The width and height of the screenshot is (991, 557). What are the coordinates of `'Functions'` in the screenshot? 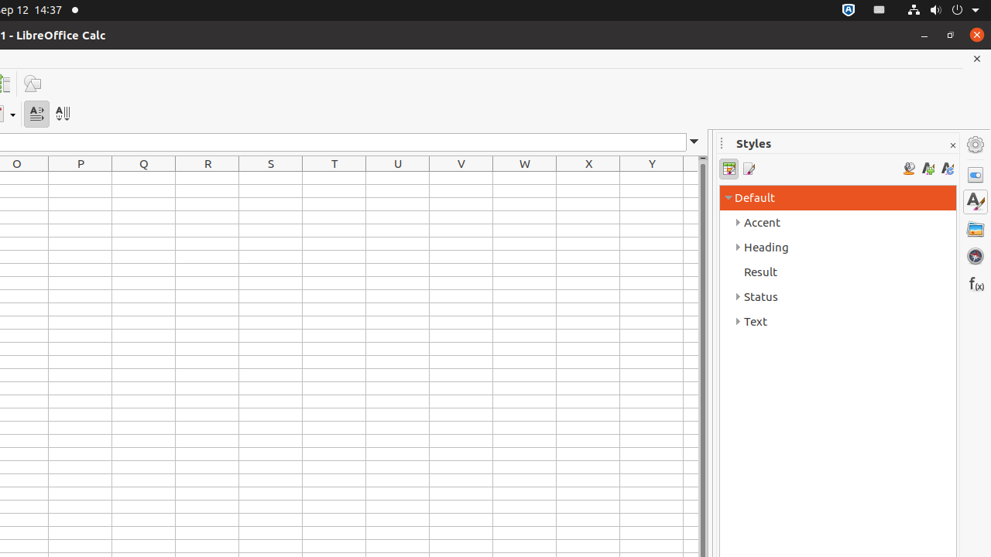 It's located at (975, 282).